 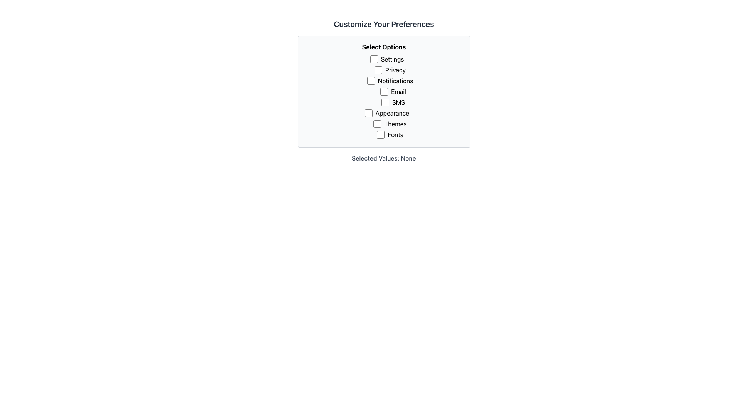 What do you see at coordinates (390, 135) in the screenshot?
I see `the label 'Fonts' of the checkbox` at bounding box center [390, 135].